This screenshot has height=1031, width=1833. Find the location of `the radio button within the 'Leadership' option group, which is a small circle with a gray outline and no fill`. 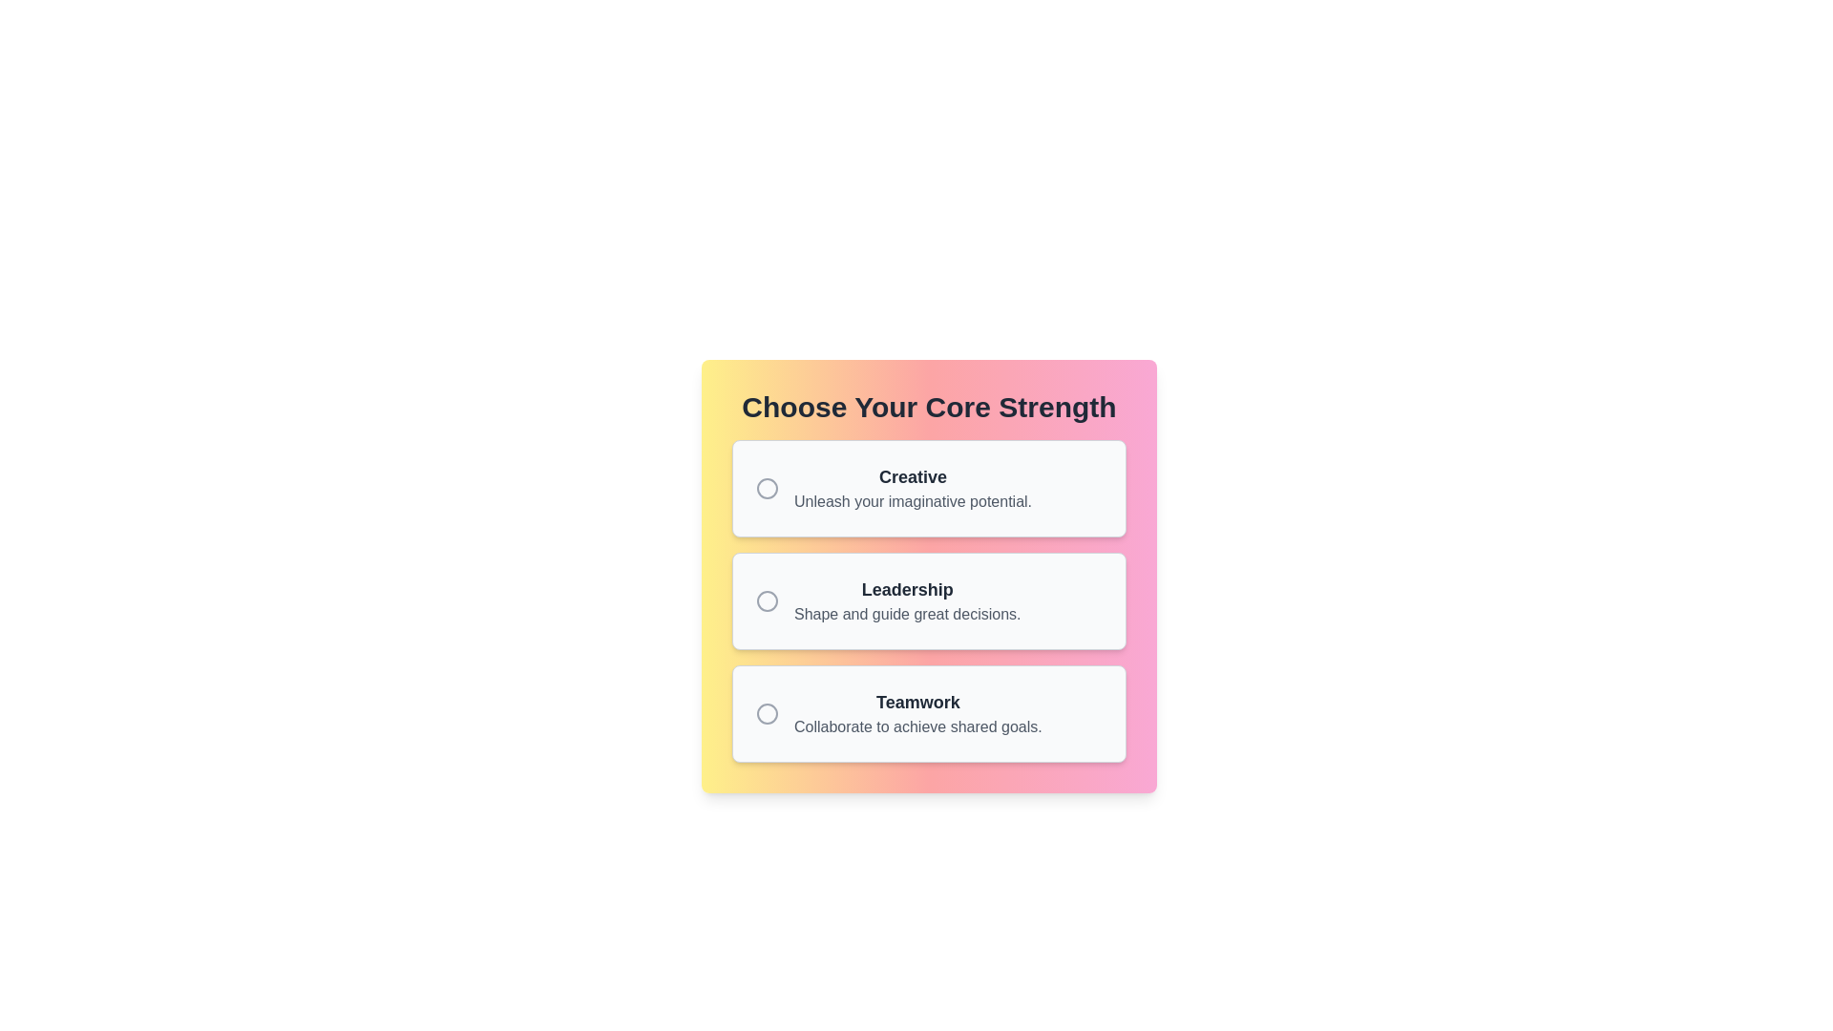

the radio button within the 'Leadership' option group, which is a small circle with a gray outline and no fill is located at coordinates (768, 600).